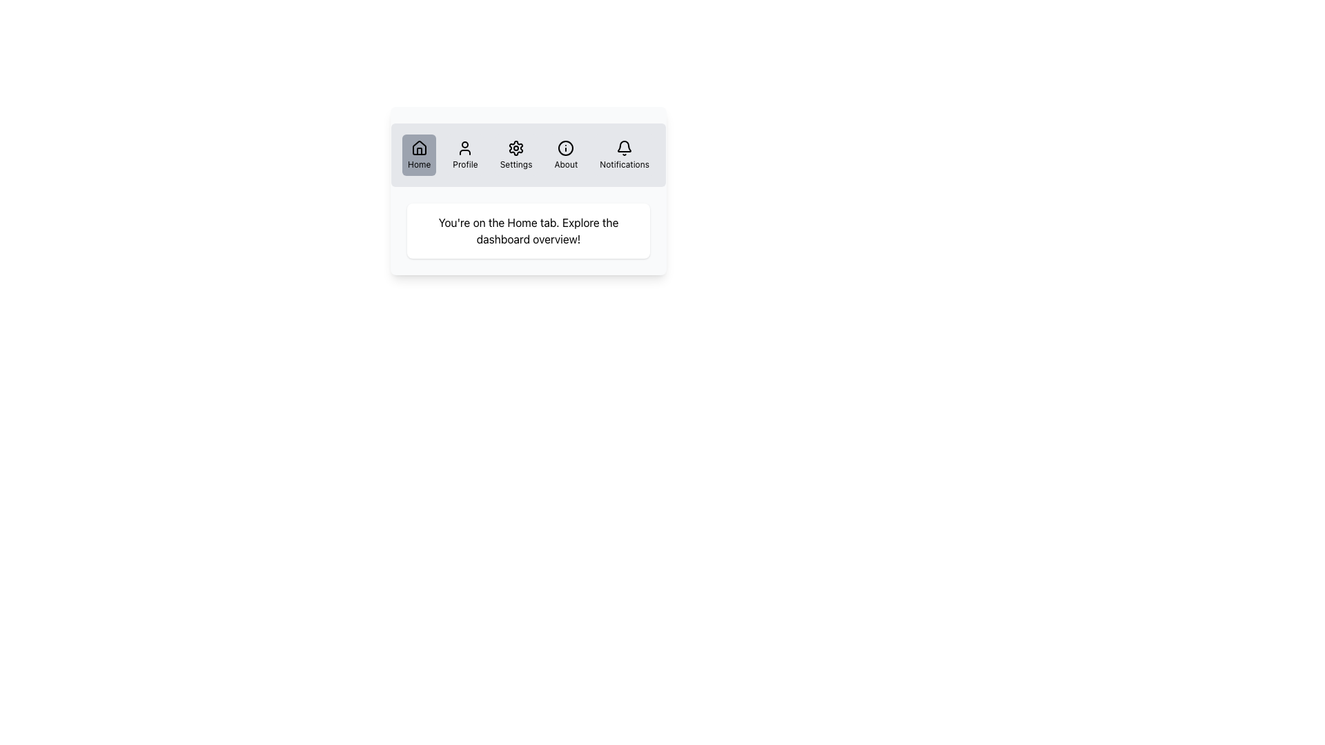  Describe the element at coordinates (528, 155) in the screenshot. I see `the Navigation bar located in the upper central portion of the application` at that location.